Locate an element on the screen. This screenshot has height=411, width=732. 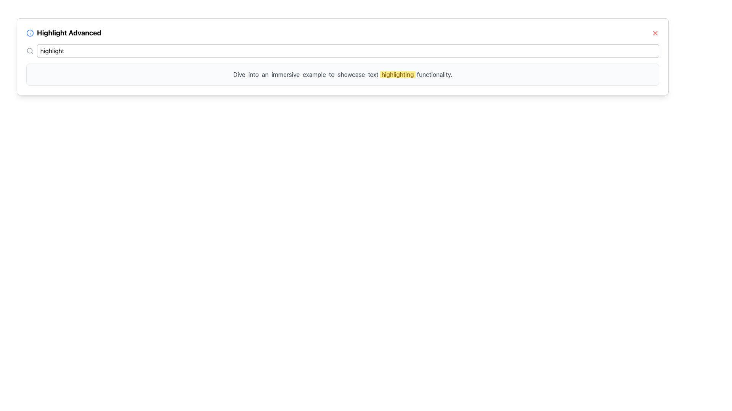
the Label element that serves as a title or header located at the top-left section of the interface is located at coordinates (64, 33).